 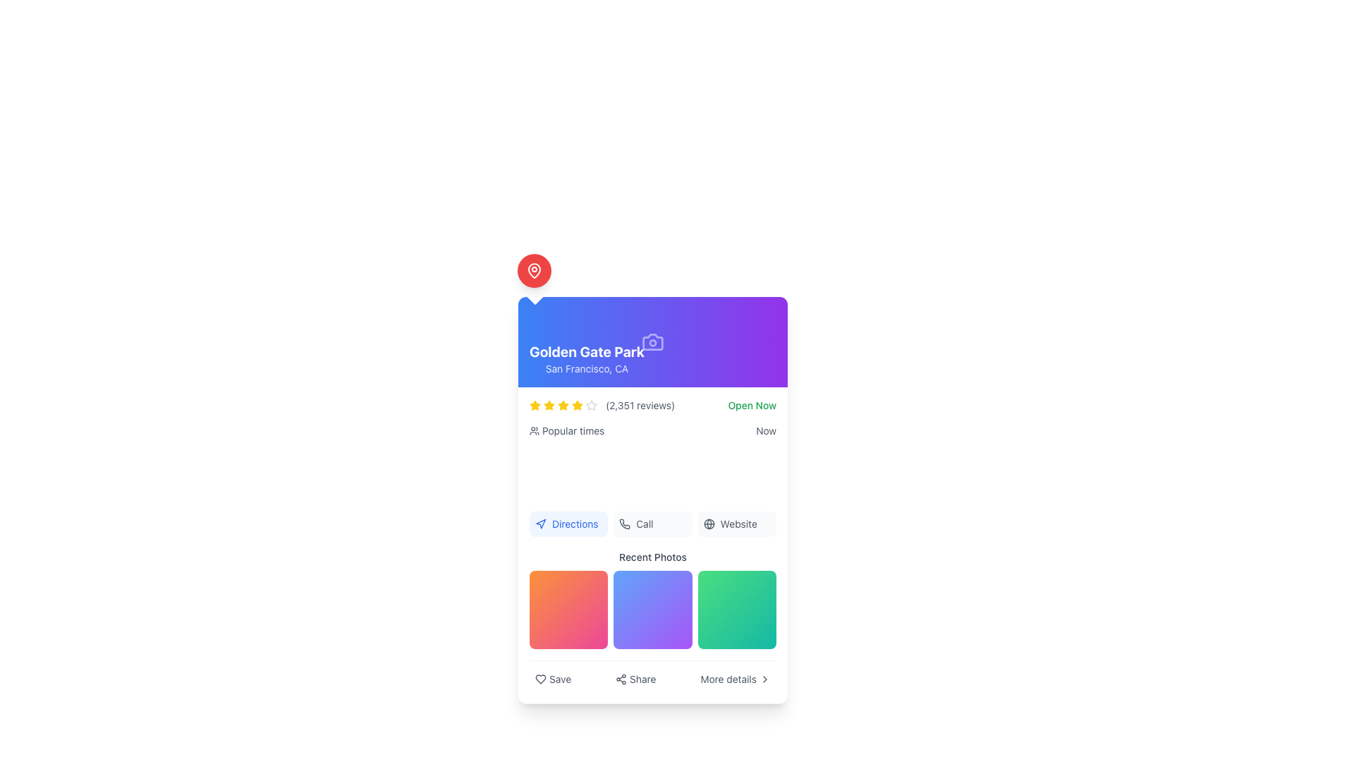 I want to click on the 'Call' icon located to the left of the 'Call' button, which is part of a row of buttons including 'Directions' and 'Website', so click(x=624, y=524).